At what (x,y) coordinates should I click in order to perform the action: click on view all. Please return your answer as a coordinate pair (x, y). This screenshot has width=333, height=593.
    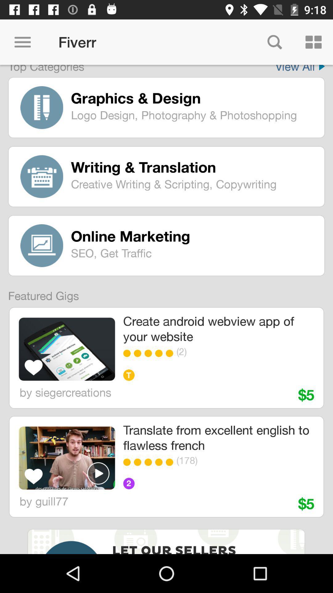
    Looking at the image, I should click on (300, 69).